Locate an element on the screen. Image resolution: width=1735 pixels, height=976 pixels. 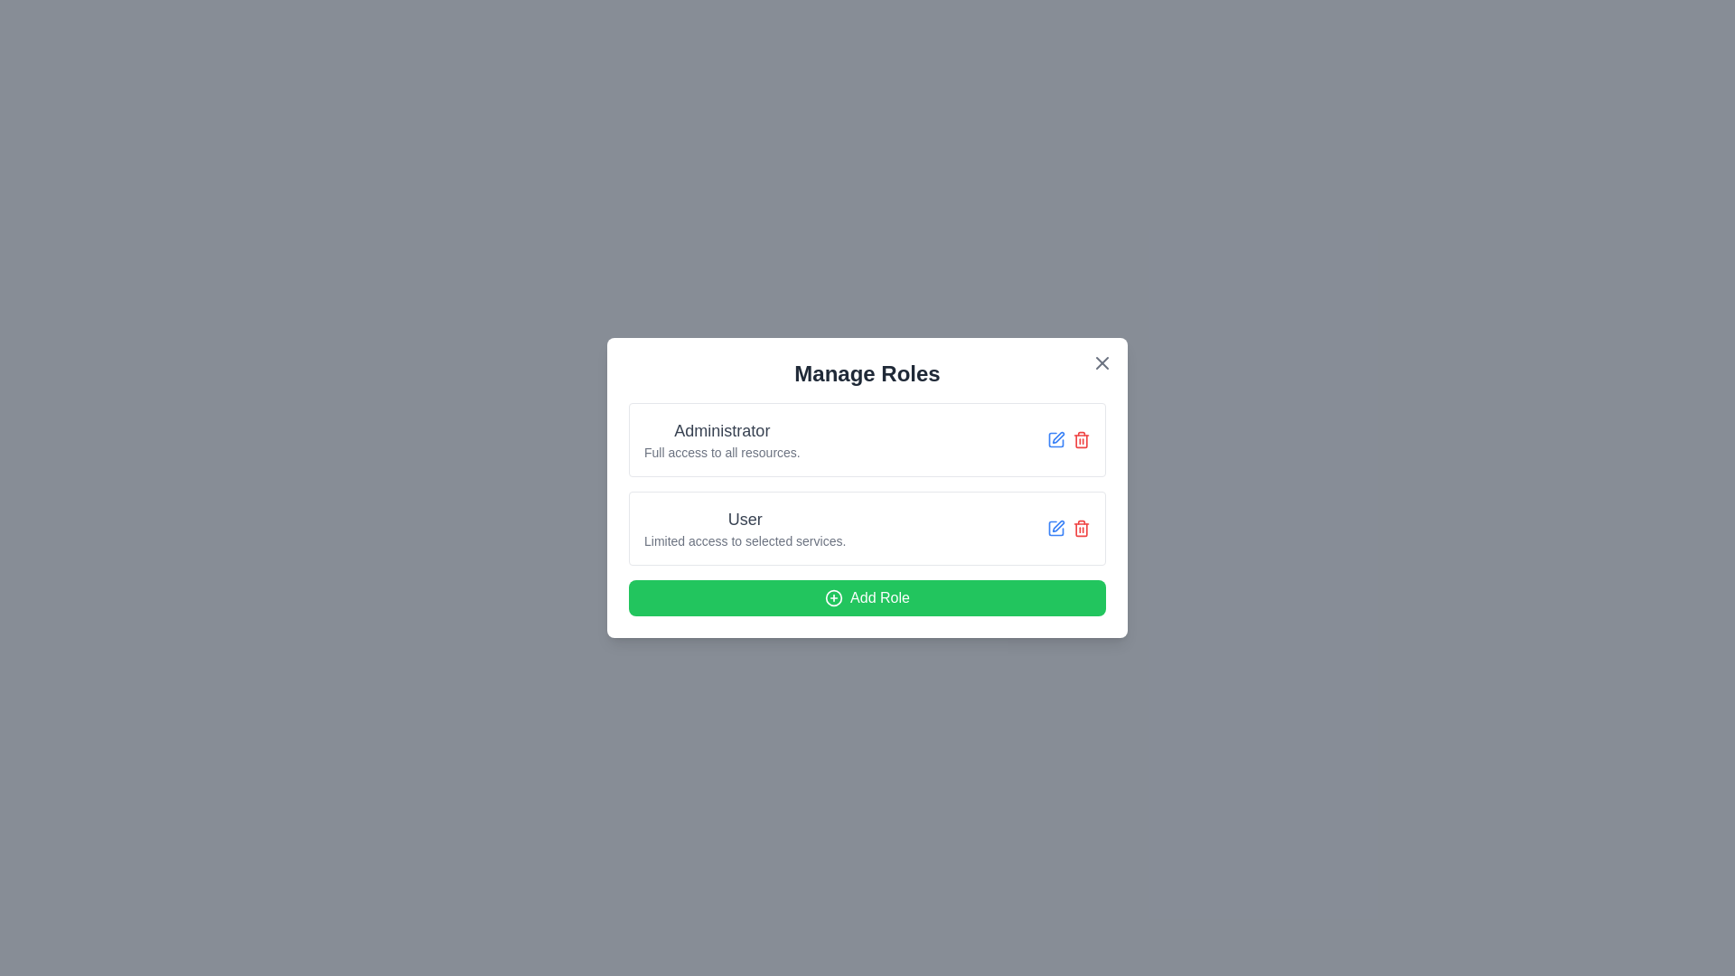
the editing icon located to the left of the trash bin icon in the second list item labeled 'User' to initiate an edit action is located at coordinates (1058, 526).